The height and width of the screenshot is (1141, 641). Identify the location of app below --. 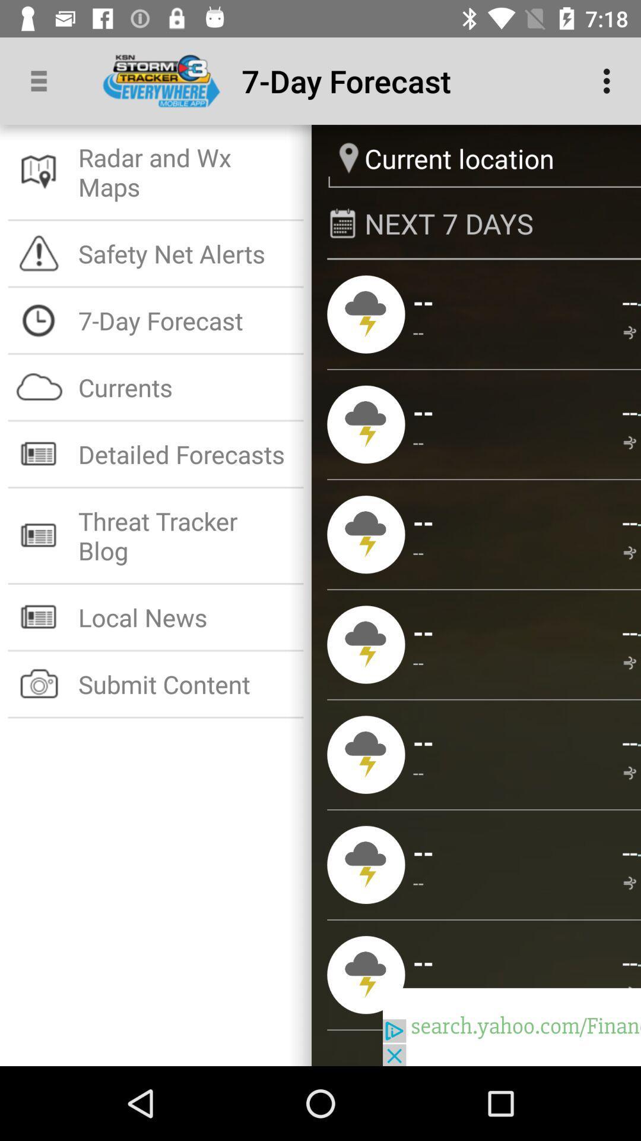
(629, 741).